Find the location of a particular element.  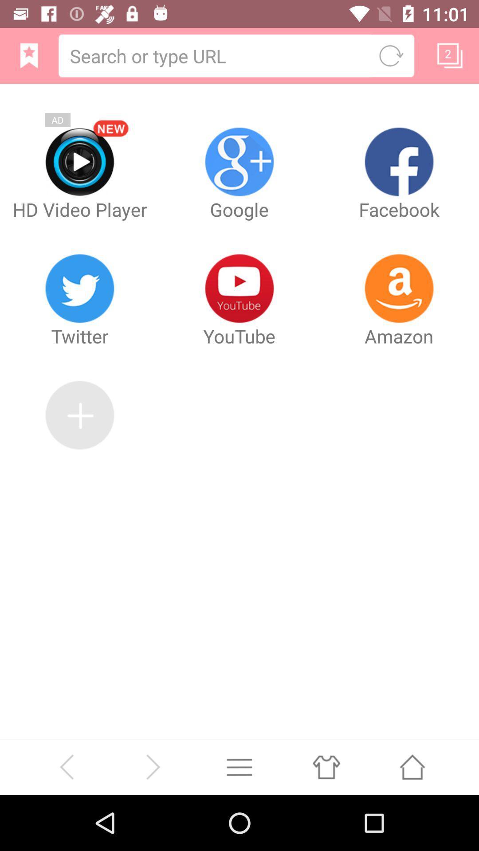

next is located at coordinates (152, 766).